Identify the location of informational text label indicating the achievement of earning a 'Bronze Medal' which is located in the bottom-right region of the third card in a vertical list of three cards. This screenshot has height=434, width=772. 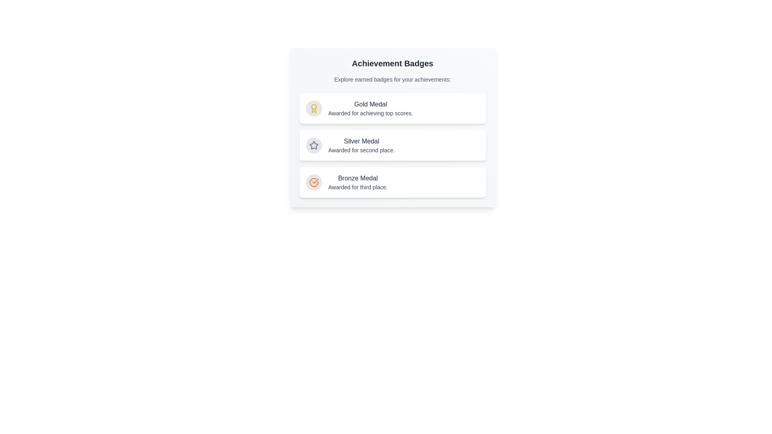
(357, 182).